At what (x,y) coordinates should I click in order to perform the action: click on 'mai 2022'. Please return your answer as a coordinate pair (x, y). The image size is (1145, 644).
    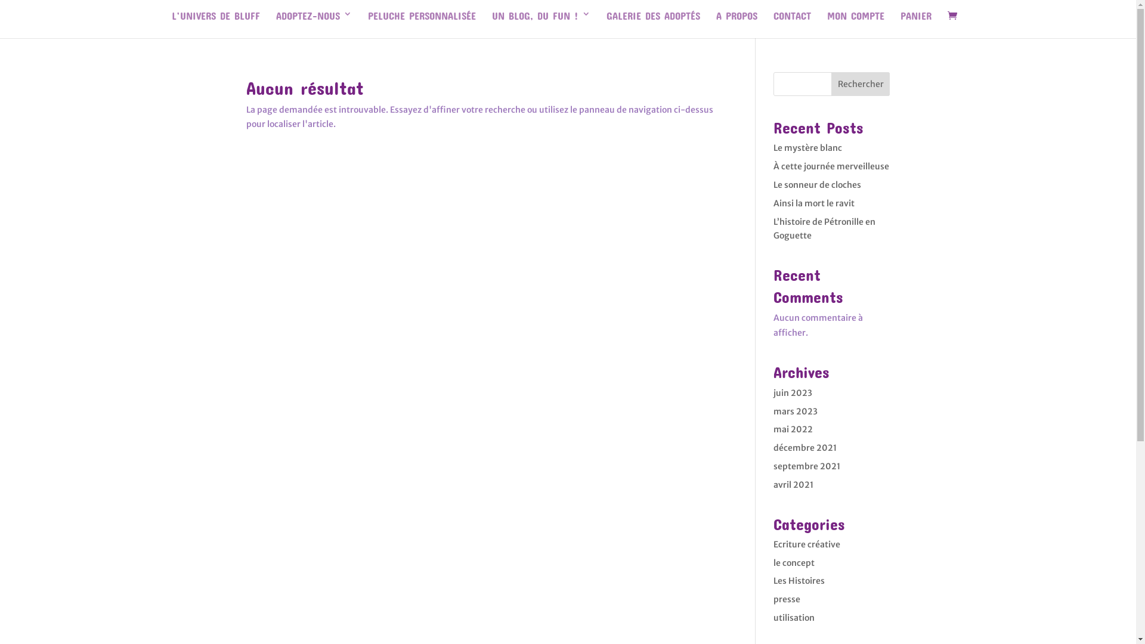
    Looking at the image, I should click on (773, 429).